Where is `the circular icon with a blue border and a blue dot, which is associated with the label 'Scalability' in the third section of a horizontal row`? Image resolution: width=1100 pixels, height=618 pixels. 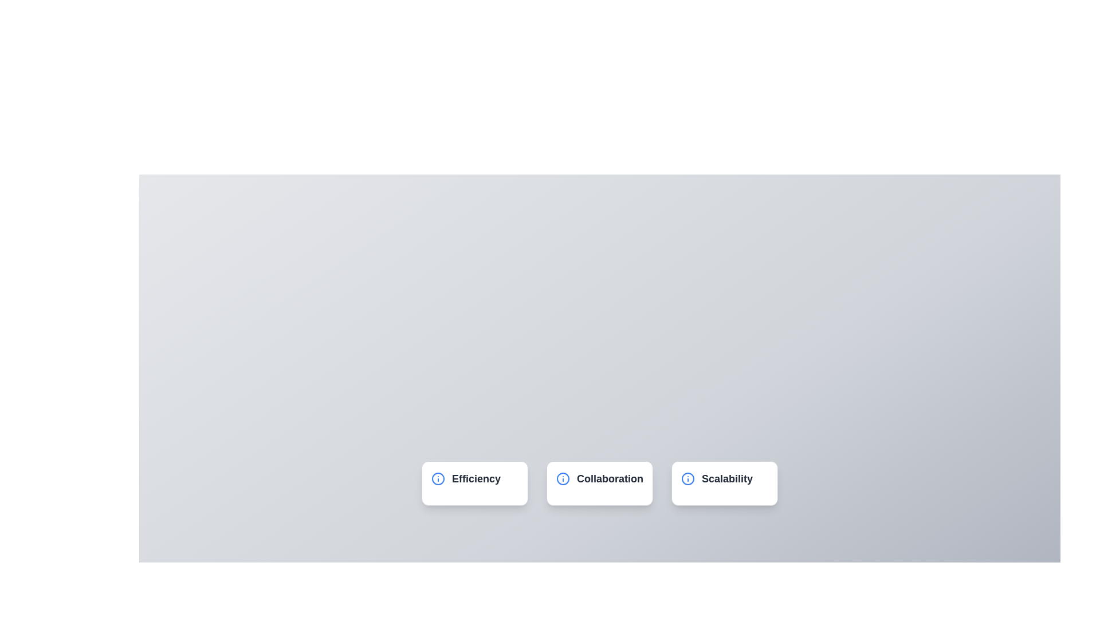 the circular icon with a blue border and a blue dot, which is associated with the label 'Scalability' in the third section of a horizontal row is located at coordinates (687, 479).